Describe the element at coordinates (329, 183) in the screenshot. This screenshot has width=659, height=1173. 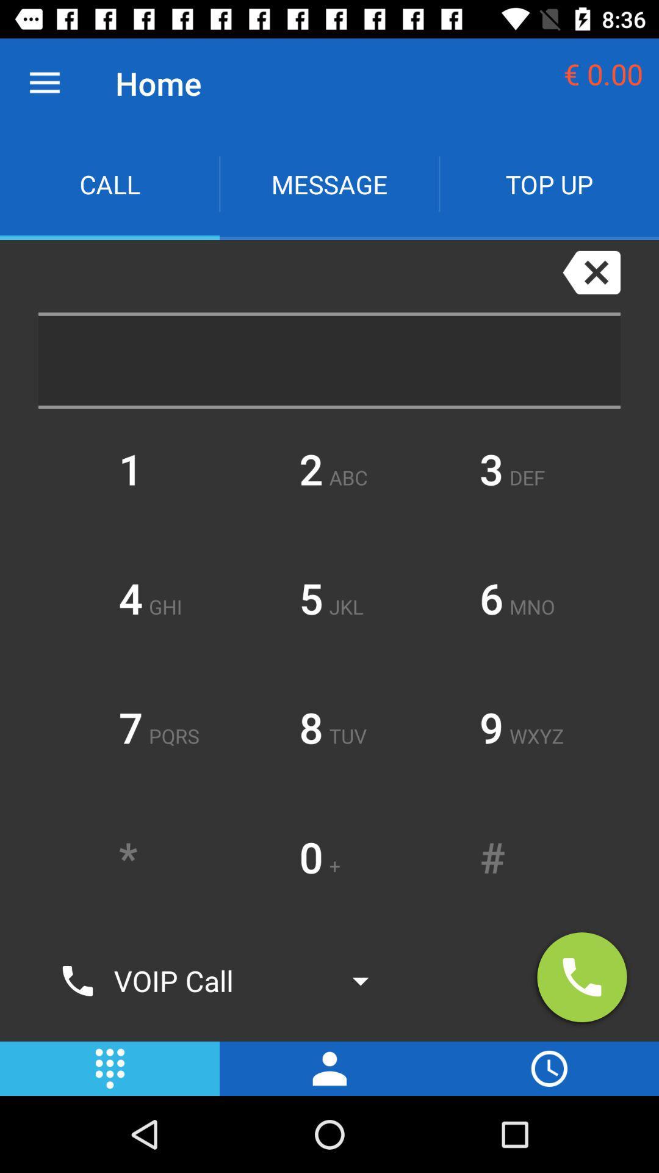
I see `icon next to top up` at that location.